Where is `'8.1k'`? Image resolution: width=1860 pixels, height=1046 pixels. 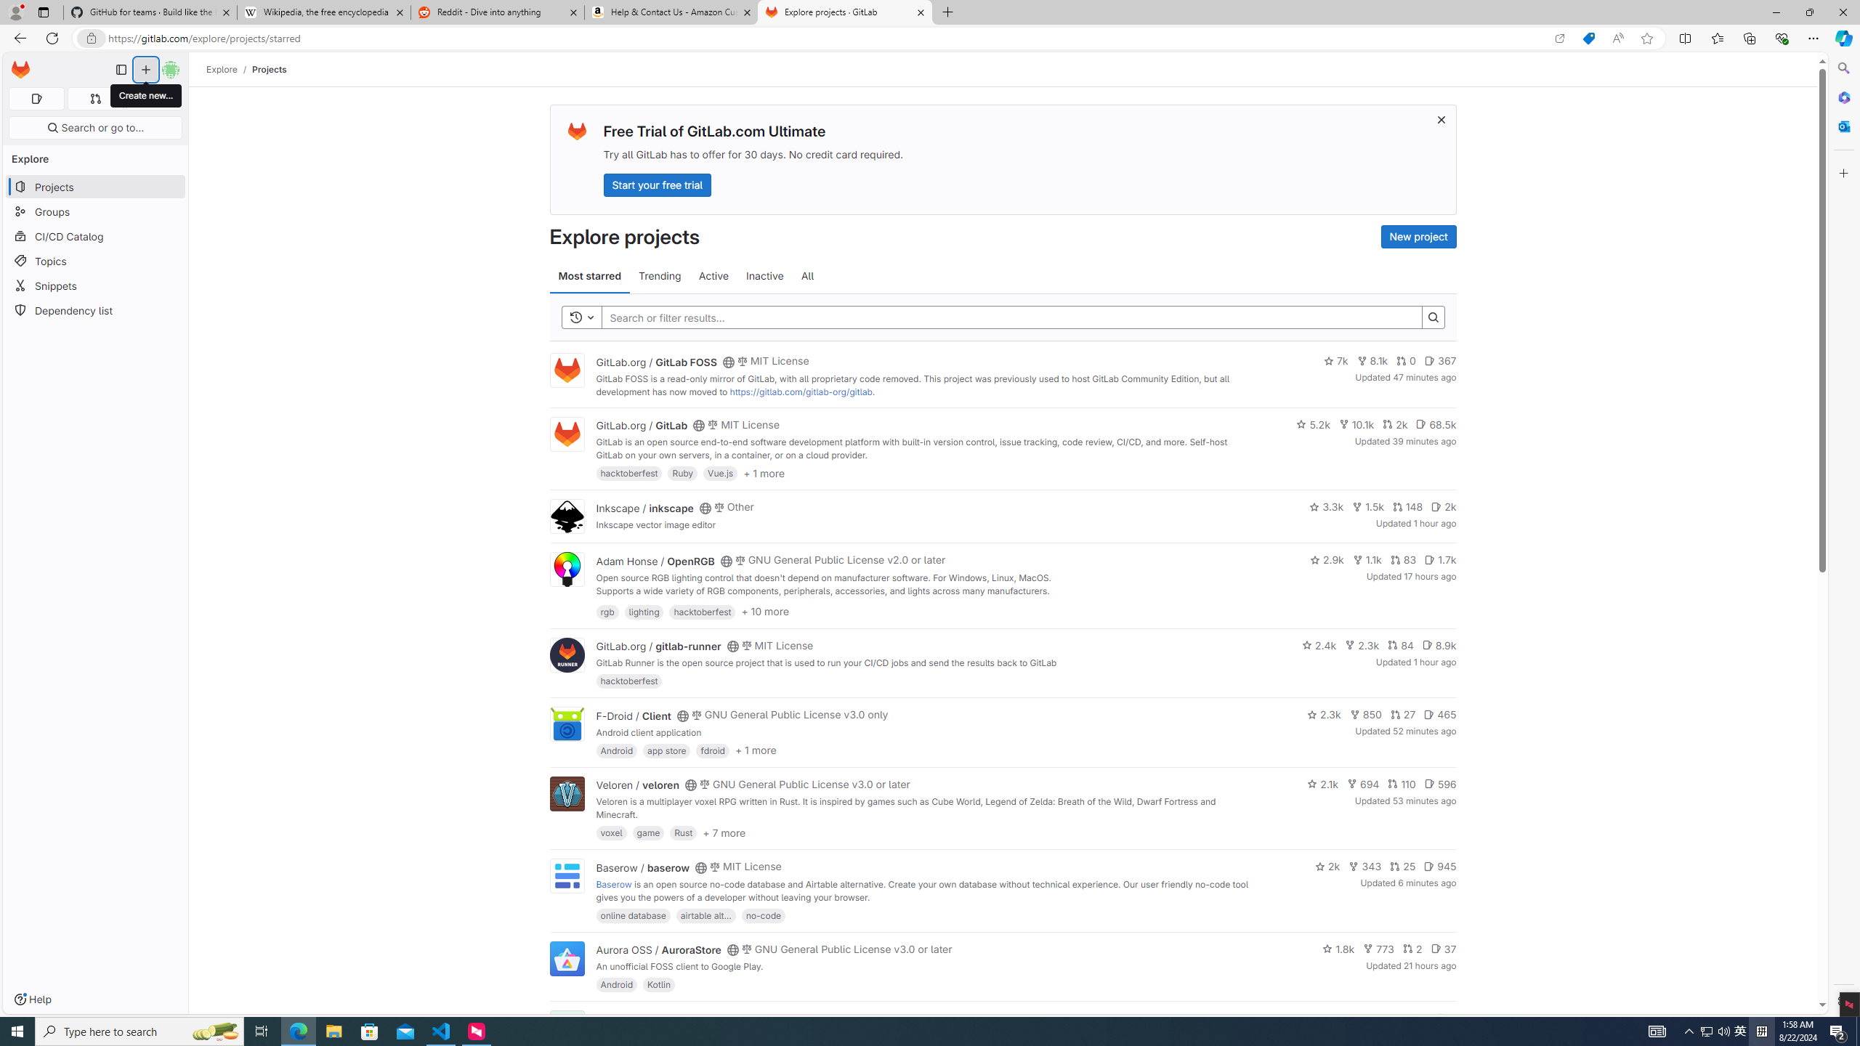
'8.1k' is located at coordinates (1371, 361).